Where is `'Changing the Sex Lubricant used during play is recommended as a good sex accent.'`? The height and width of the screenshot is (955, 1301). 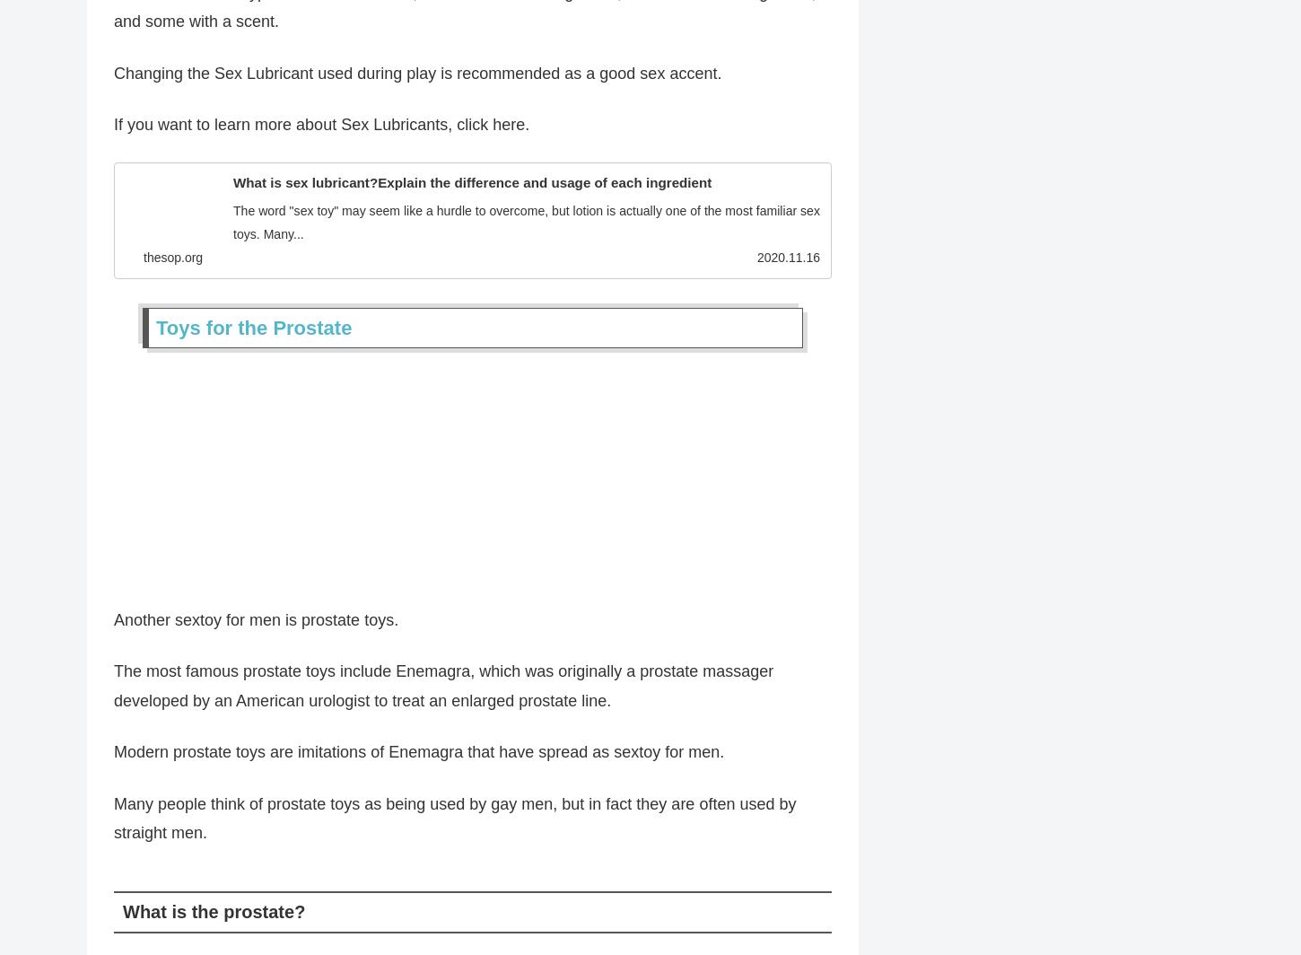 'Changing the Sex Lubricant used during play is recommended as a good sex accent.' is located at coordinates (416, 78).